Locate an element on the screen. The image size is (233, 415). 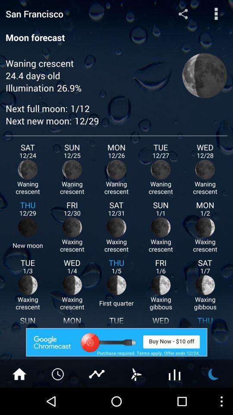
the share icon is located at coordinates (183, 14).